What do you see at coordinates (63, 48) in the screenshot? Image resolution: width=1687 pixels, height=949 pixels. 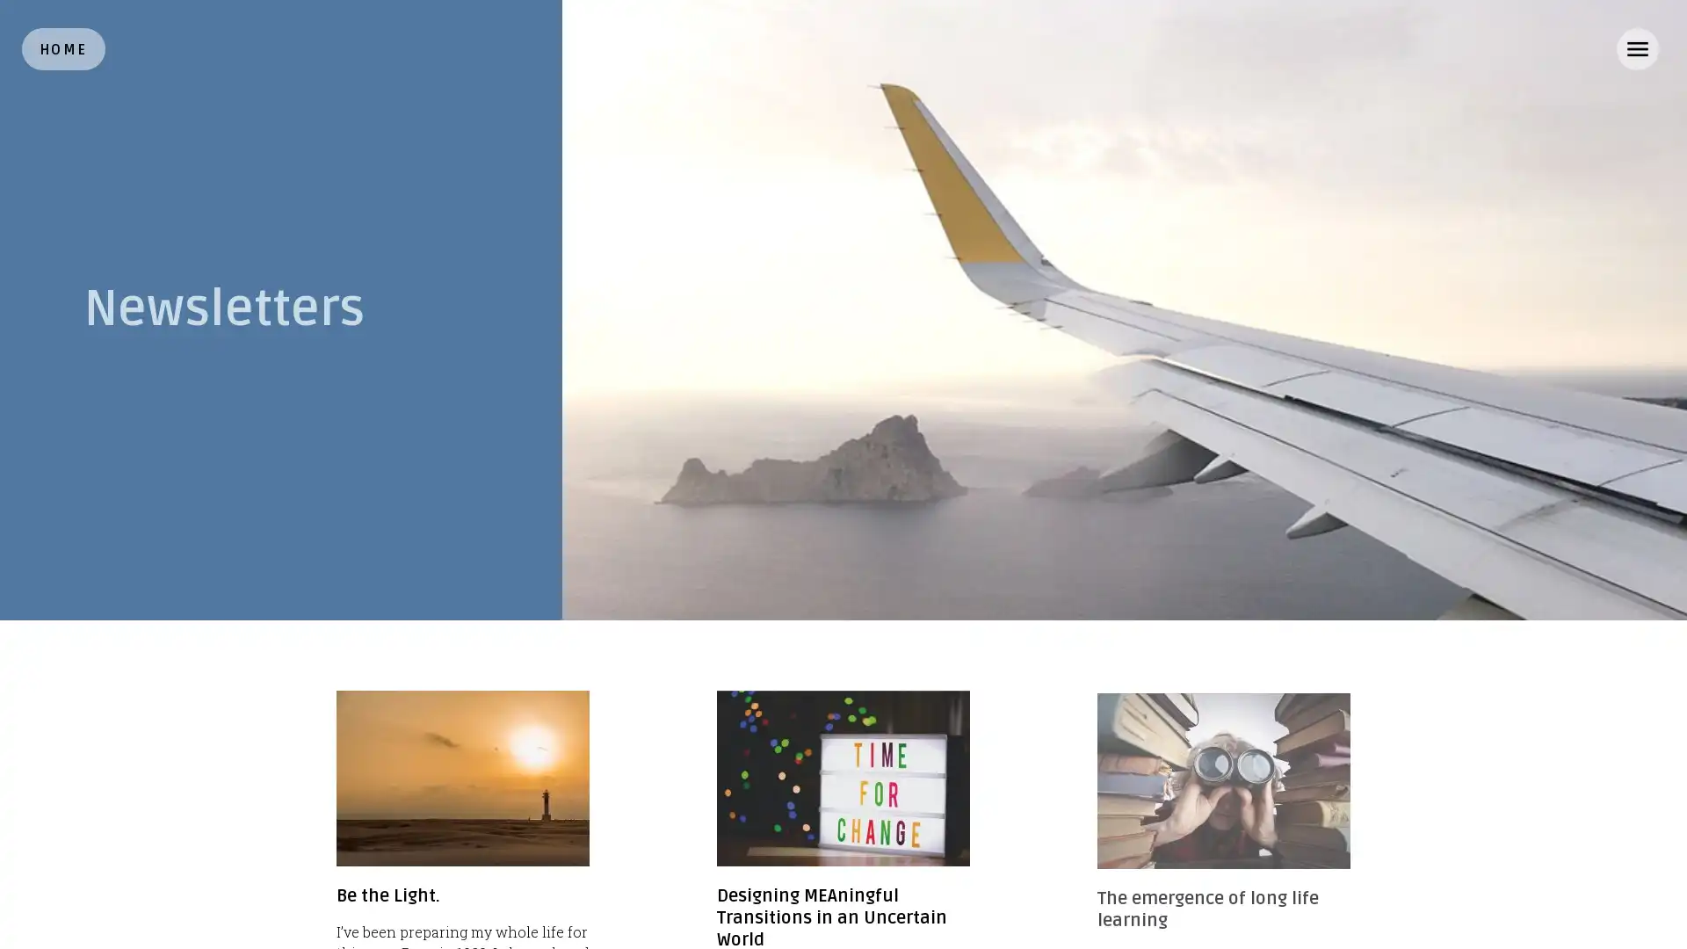 I see `HOME` at bounding box center [63, 48].